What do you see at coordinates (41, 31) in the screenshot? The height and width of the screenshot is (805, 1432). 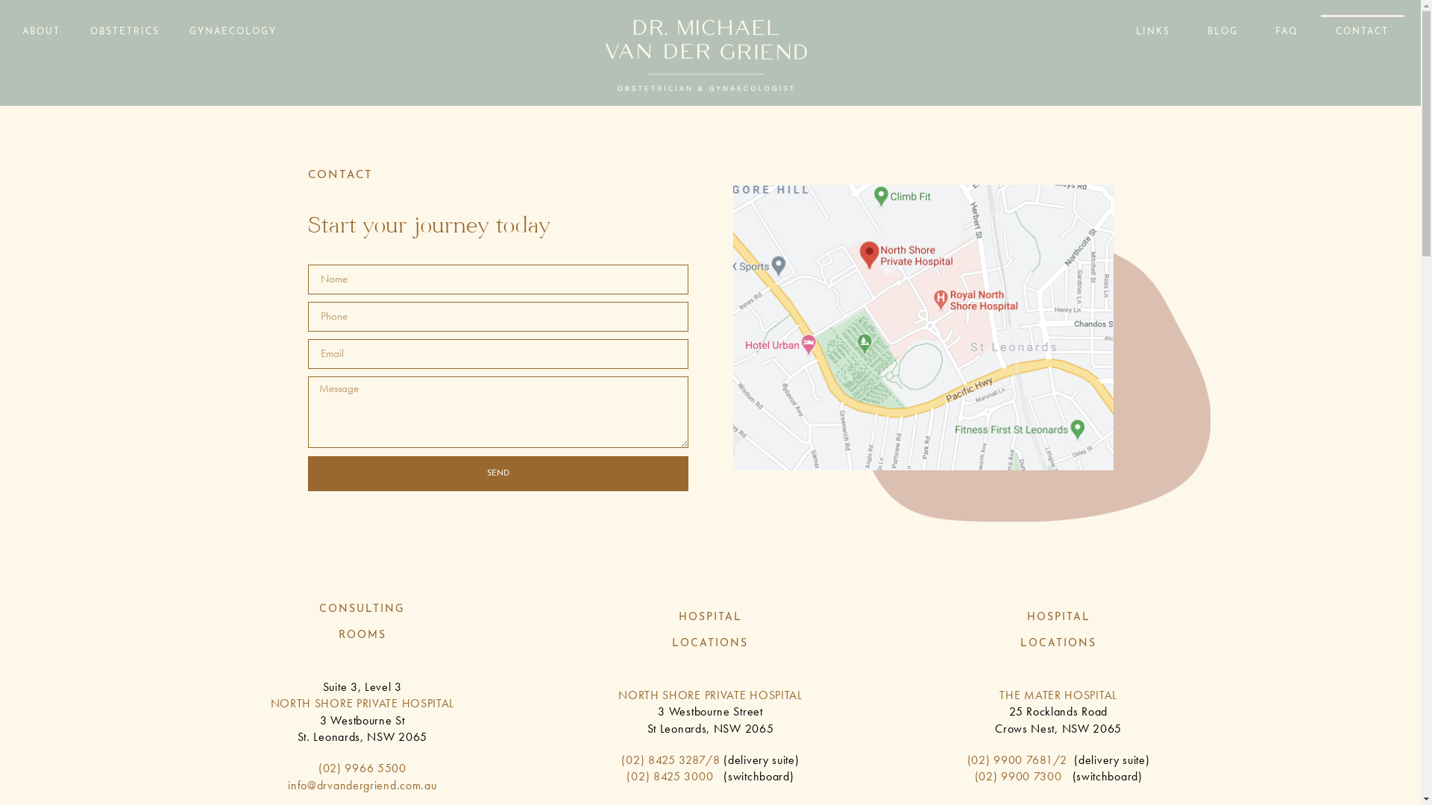 I see `'ABOUT'` at bounding box center [41, 31].